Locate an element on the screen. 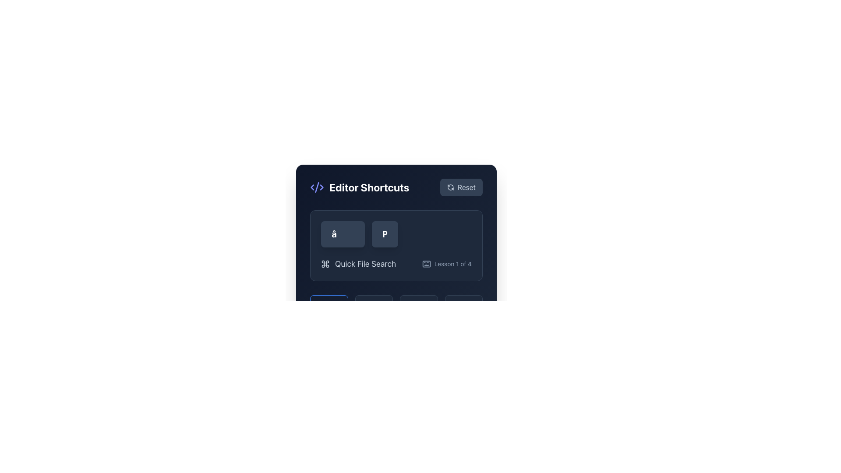 This screenshot has width=841, height=473. the indigo icon resembling XML code brackets ('<', '/') next to the 'Editor Shortcuts' header is located at coordinates (317, 187).